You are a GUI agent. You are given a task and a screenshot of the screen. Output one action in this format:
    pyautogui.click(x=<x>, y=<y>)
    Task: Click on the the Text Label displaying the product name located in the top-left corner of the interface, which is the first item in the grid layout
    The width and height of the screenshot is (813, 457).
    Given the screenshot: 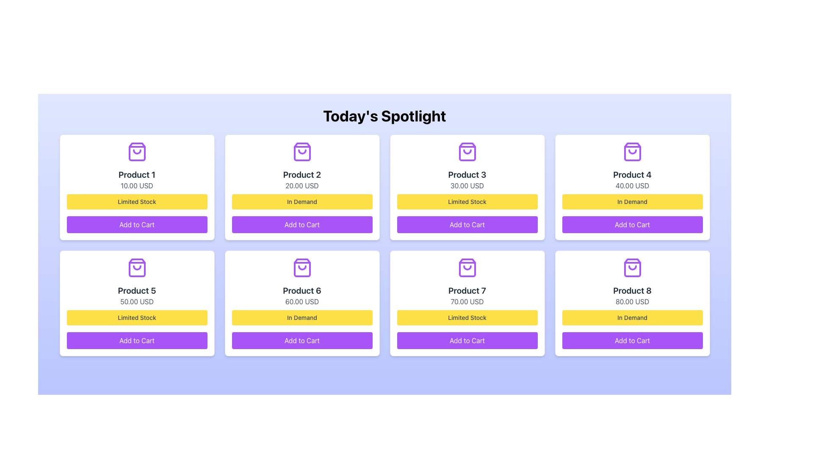 What is the action you would take?
    pyautogui.click(x=137, y=174)
    